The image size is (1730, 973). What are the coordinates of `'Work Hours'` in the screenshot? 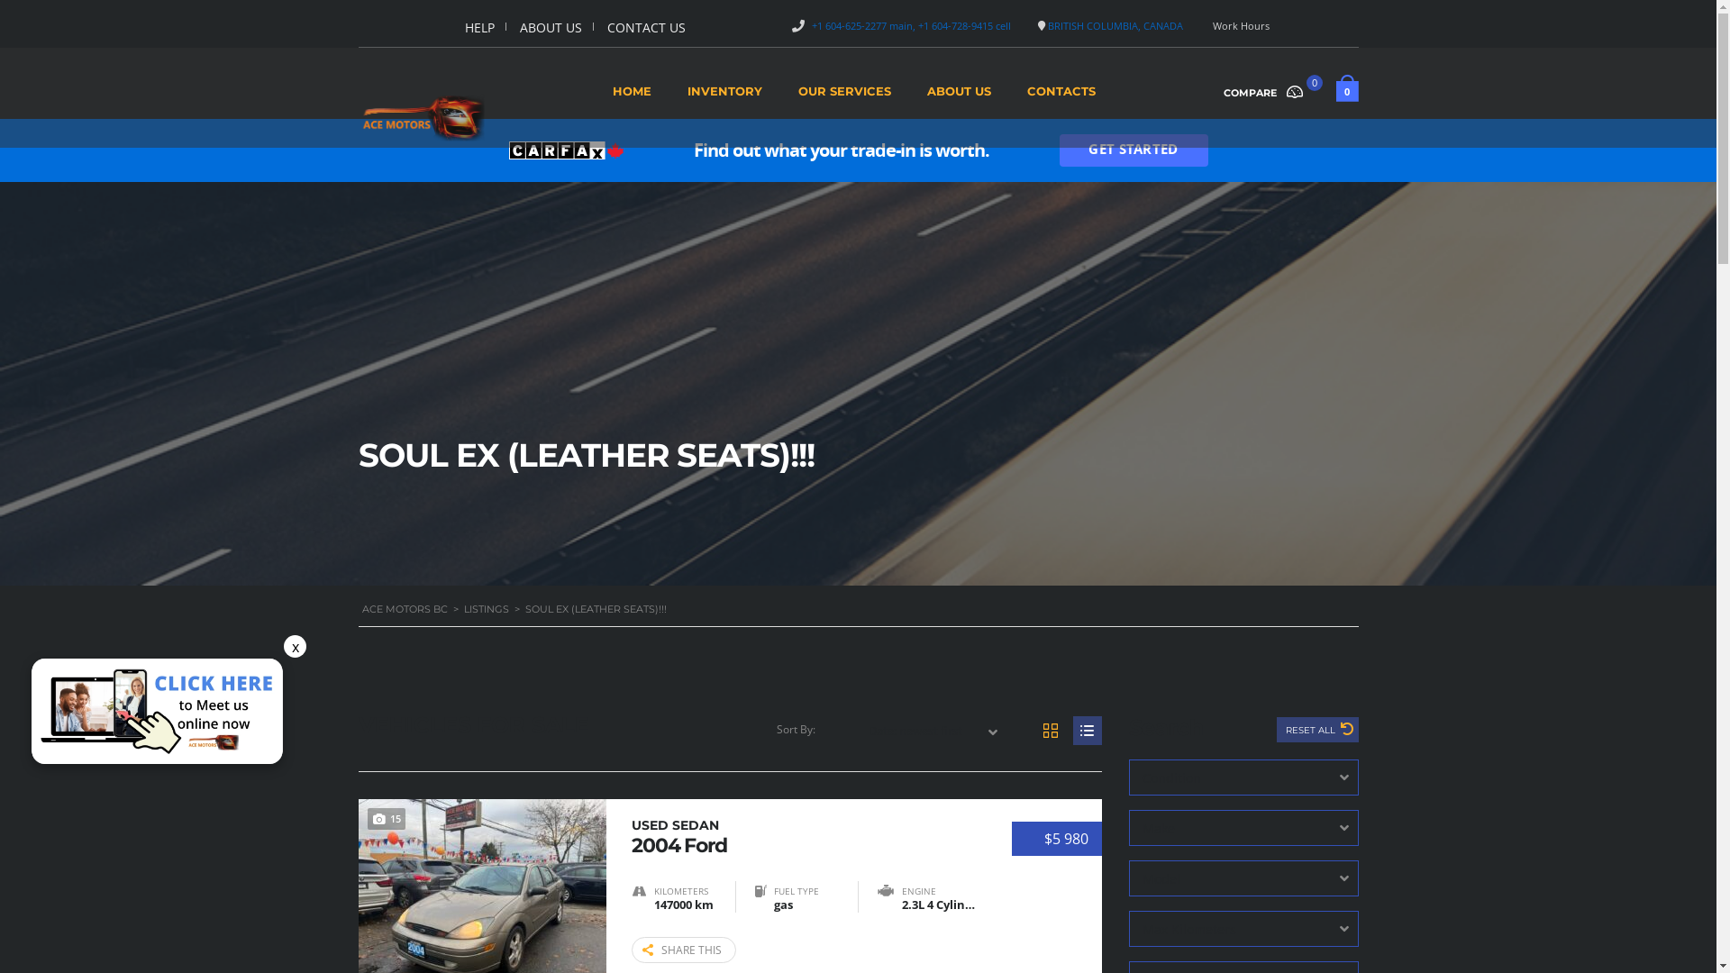 It's located at (1240, 25).